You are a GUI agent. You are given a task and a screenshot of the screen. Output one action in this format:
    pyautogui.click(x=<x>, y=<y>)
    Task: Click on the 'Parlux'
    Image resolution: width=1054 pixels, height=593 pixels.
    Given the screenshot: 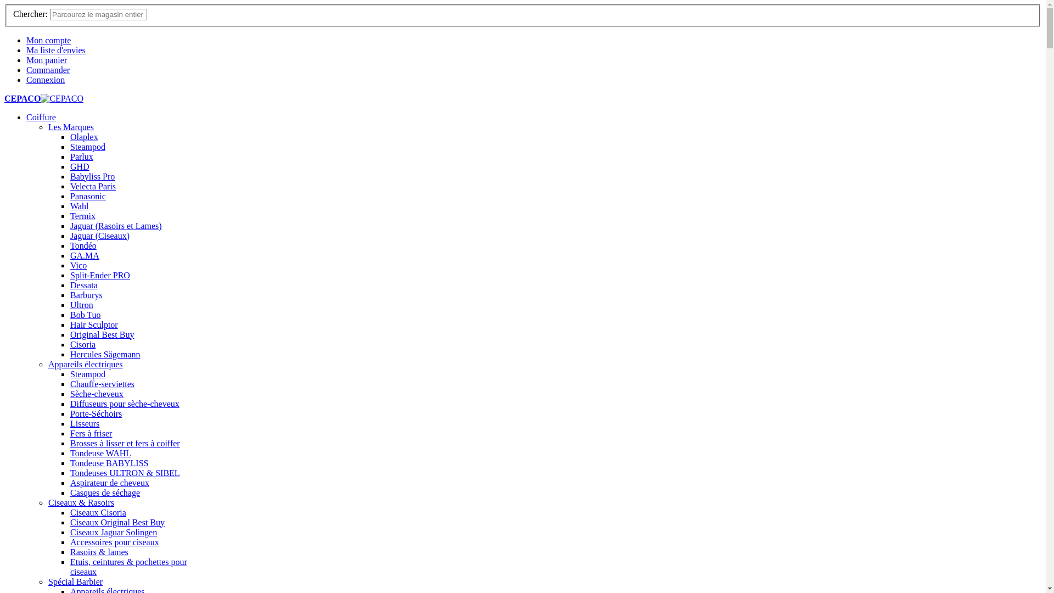 What is the action you would take?
    pyautogui.click(x=81, y=156)
    